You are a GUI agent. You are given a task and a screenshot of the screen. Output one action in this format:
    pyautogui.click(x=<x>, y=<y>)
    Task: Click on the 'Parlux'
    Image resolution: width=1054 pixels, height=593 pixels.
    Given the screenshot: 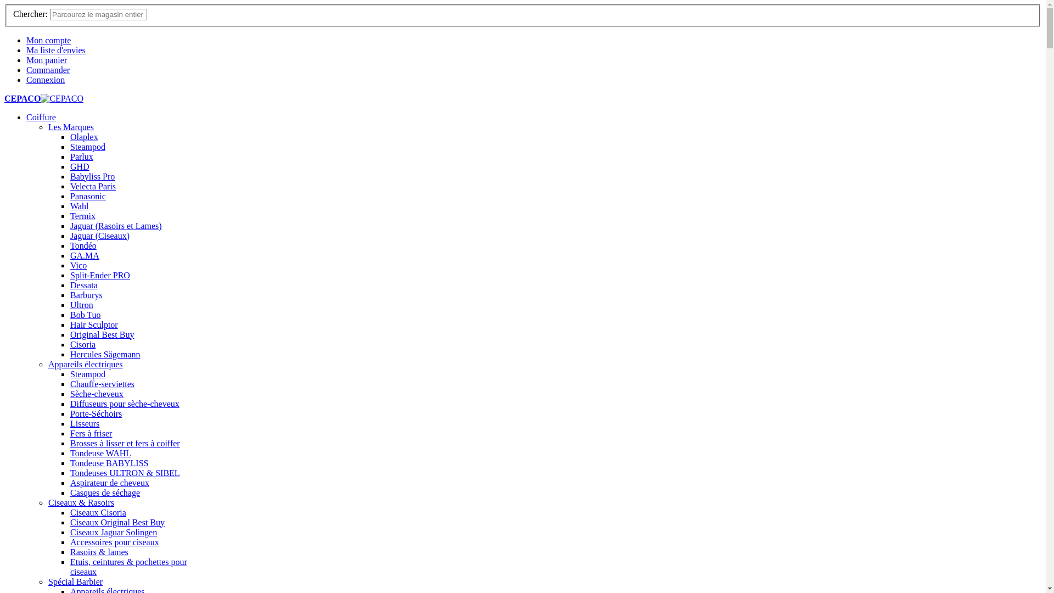 What is the action you would take?
    pyautogui.click(x=81, y=156)
    